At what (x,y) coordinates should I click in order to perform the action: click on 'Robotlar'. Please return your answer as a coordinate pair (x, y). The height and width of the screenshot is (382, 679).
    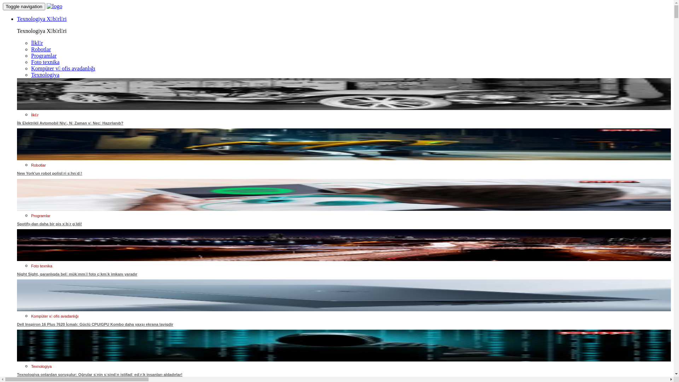
    Looking at the image, I should click on (40, 49).